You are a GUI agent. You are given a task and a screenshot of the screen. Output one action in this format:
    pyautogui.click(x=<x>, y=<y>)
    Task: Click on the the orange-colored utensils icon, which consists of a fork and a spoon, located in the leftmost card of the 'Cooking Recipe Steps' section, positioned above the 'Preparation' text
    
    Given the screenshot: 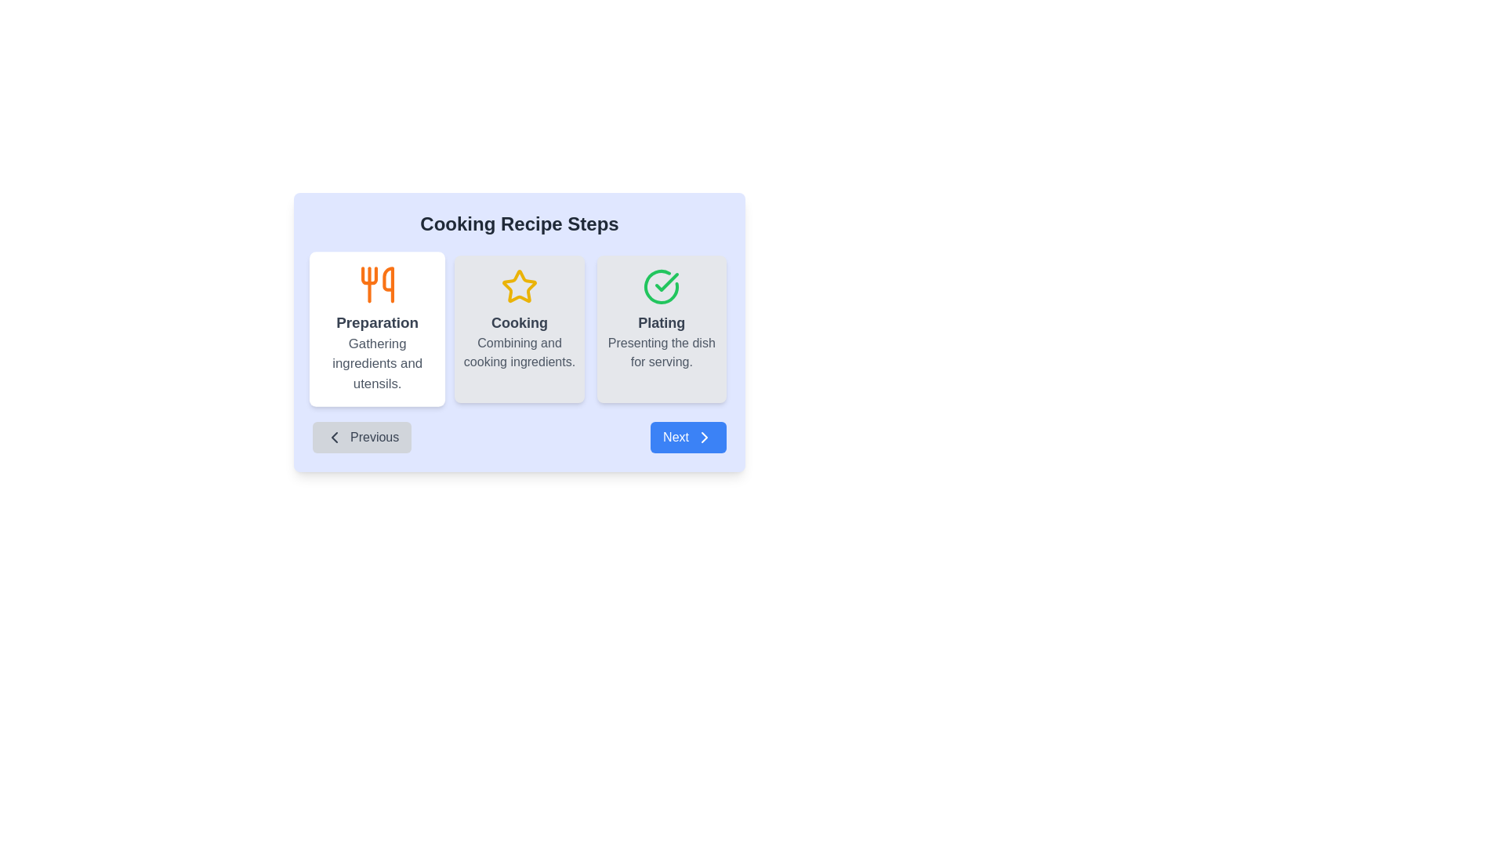 What is the action you would take?
    pyautogui.click(x=377, y=285)
    